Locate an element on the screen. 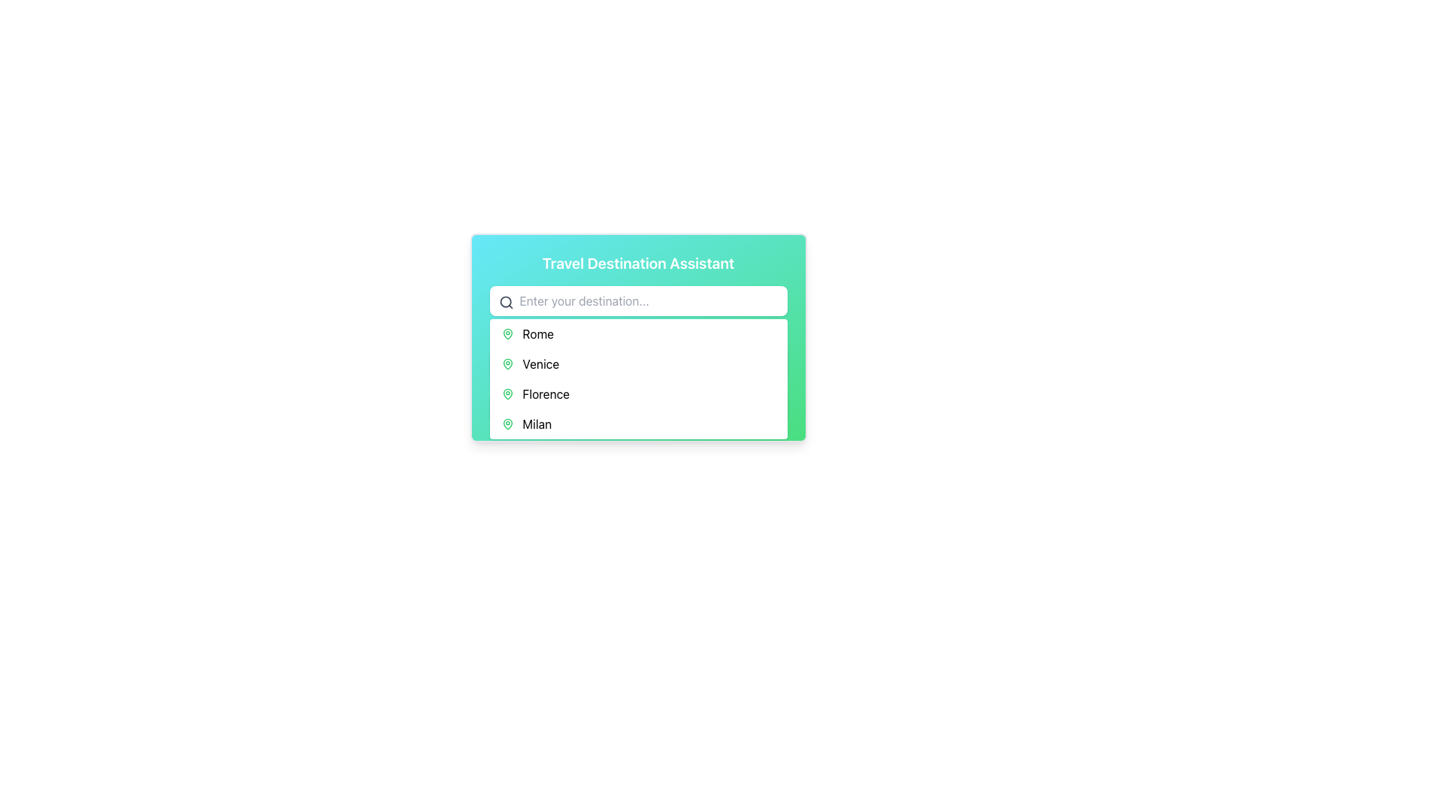  the green map pin icon located to the left of the text 'Florence' in the dropdown menu is located at coordinates (507, 393).